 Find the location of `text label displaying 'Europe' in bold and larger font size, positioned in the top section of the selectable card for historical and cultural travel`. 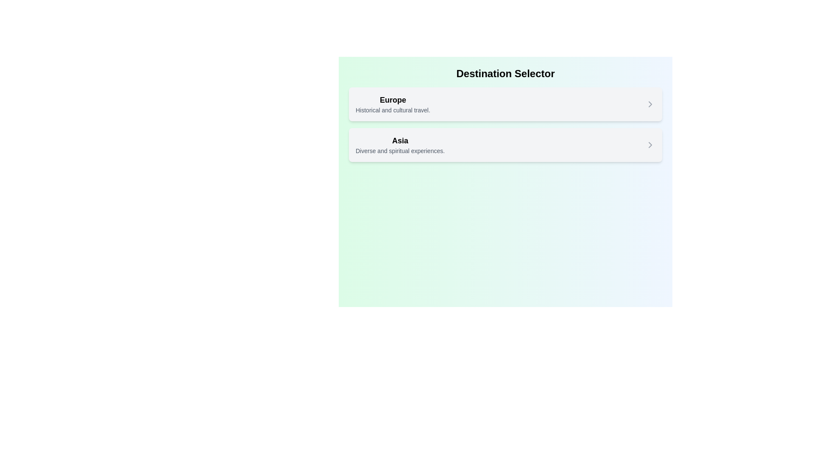

text label displaying 'Europe' in bold and larger font size, positioned in the top section of the selectable card for historical and cultural travel is located at coordinates (392, 99).